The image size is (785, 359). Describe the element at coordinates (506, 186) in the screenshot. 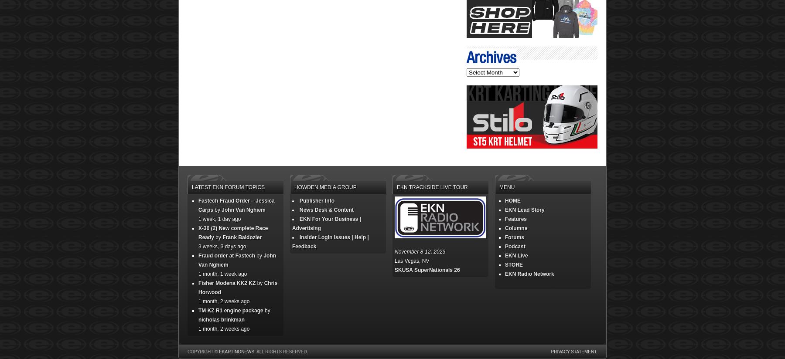

I see `'Menu'` at that location.